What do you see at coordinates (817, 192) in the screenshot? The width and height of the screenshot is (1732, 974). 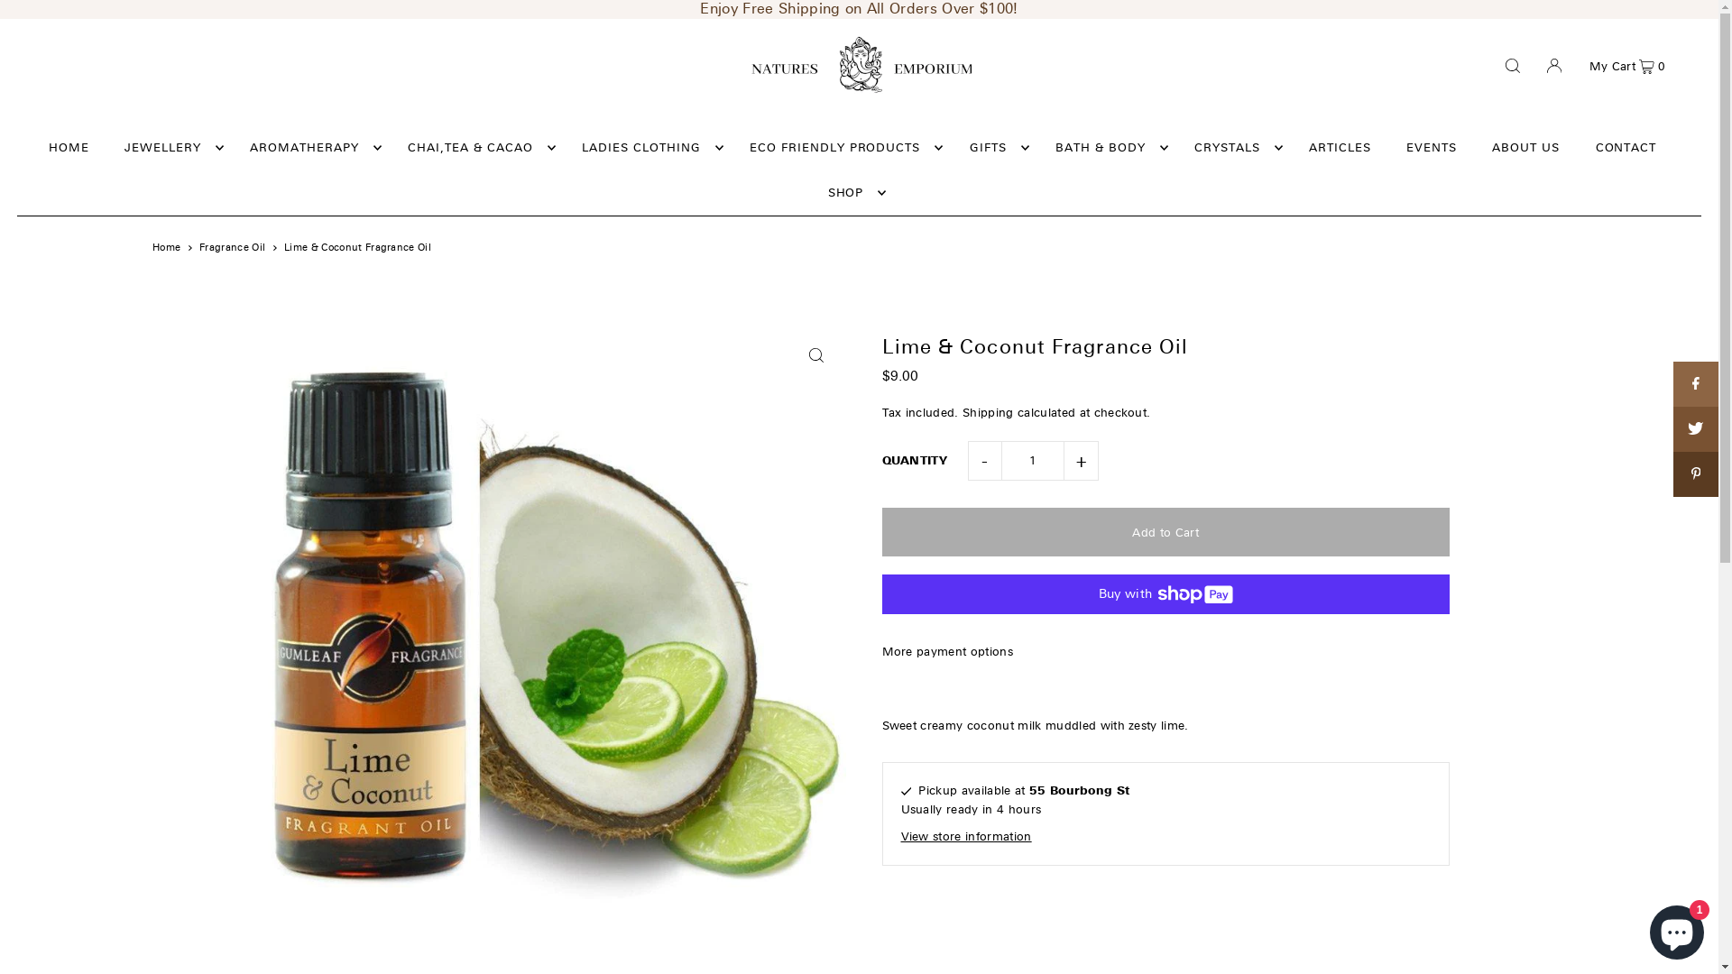 I see `'SHOP'` at bounding box center [817, 192].